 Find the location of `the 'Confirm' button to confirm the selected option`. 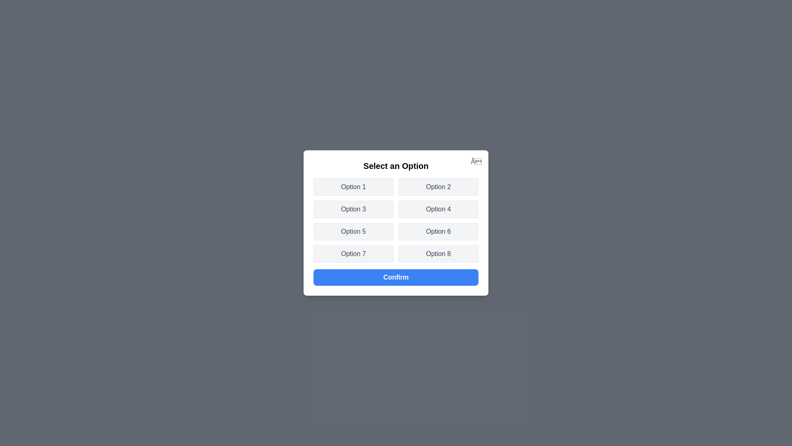

the 'Confirm' button to confirm the selected option is located at coordinates (396, 277).